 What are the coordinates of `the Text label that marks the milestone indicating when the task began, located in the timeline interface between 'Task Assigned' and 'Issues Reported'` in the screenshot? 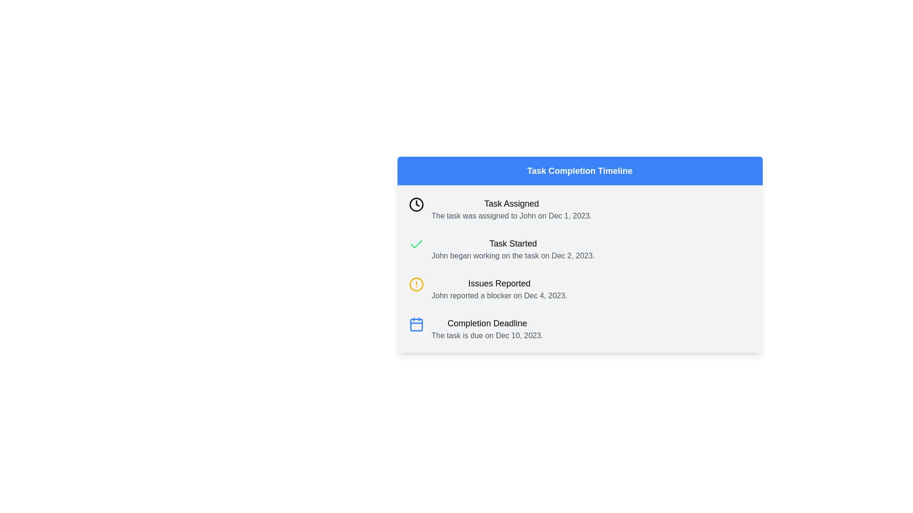 It's located at (513, 243).